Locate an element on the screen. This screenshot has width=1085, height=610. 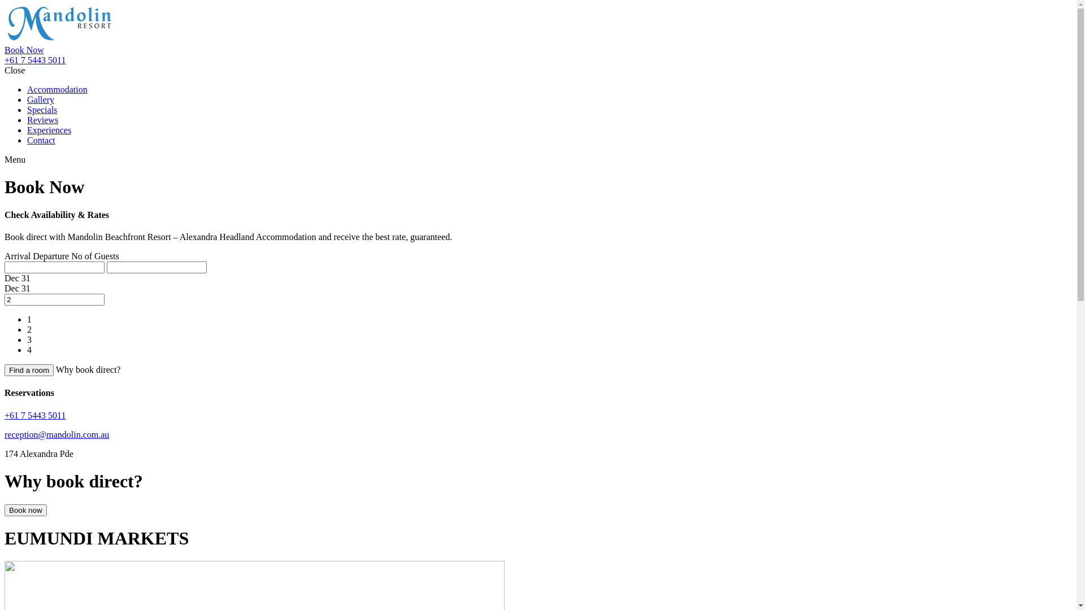
'Menu' is located at coordinates (5, 159).